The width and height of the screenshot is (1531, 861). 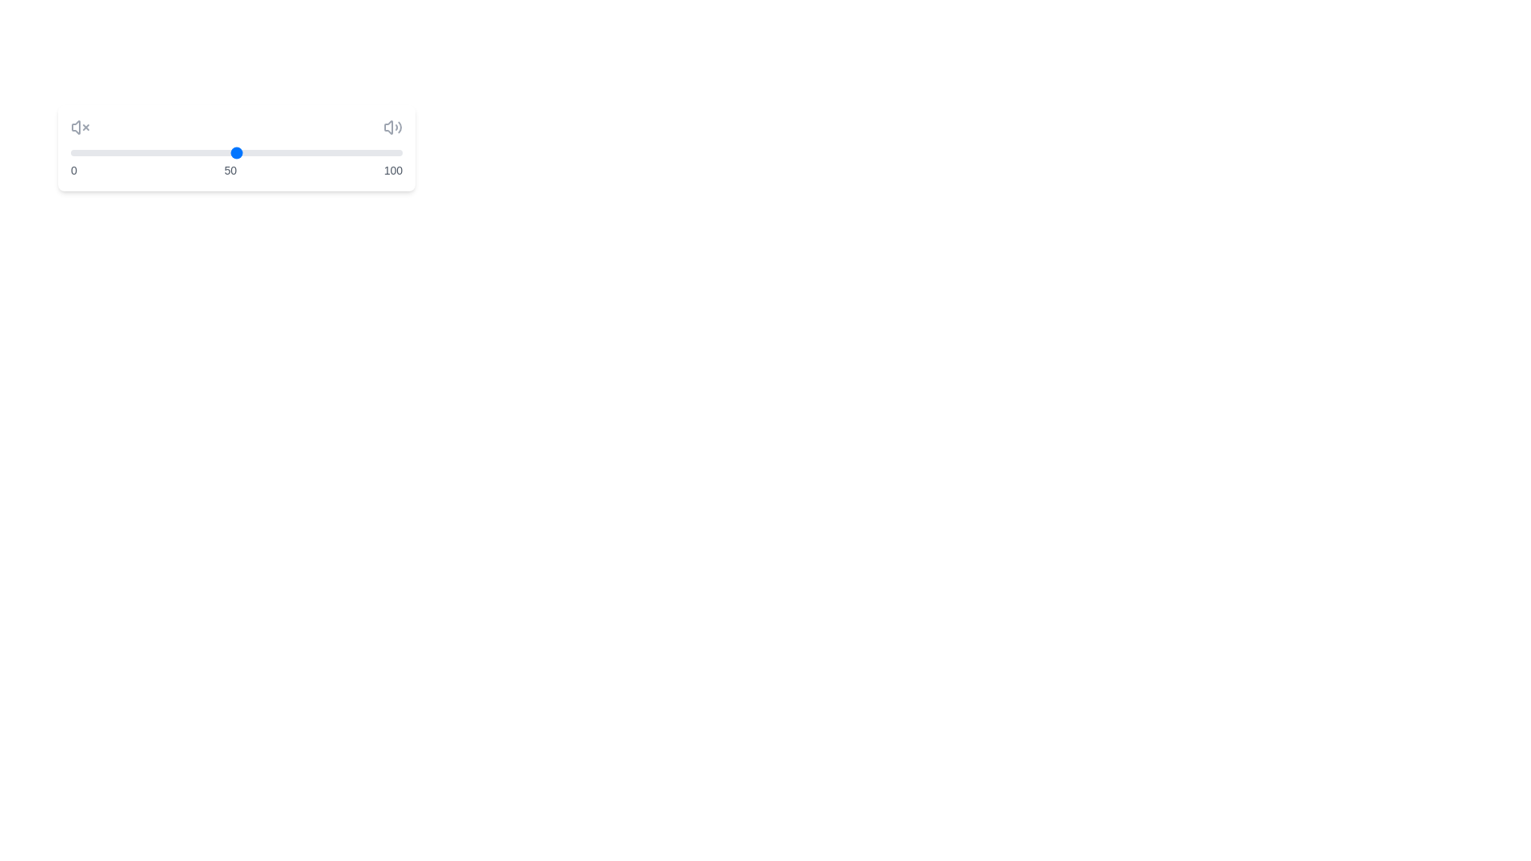 I want to click on the slider to set the volume to 80%, so click(x=335, y=153).